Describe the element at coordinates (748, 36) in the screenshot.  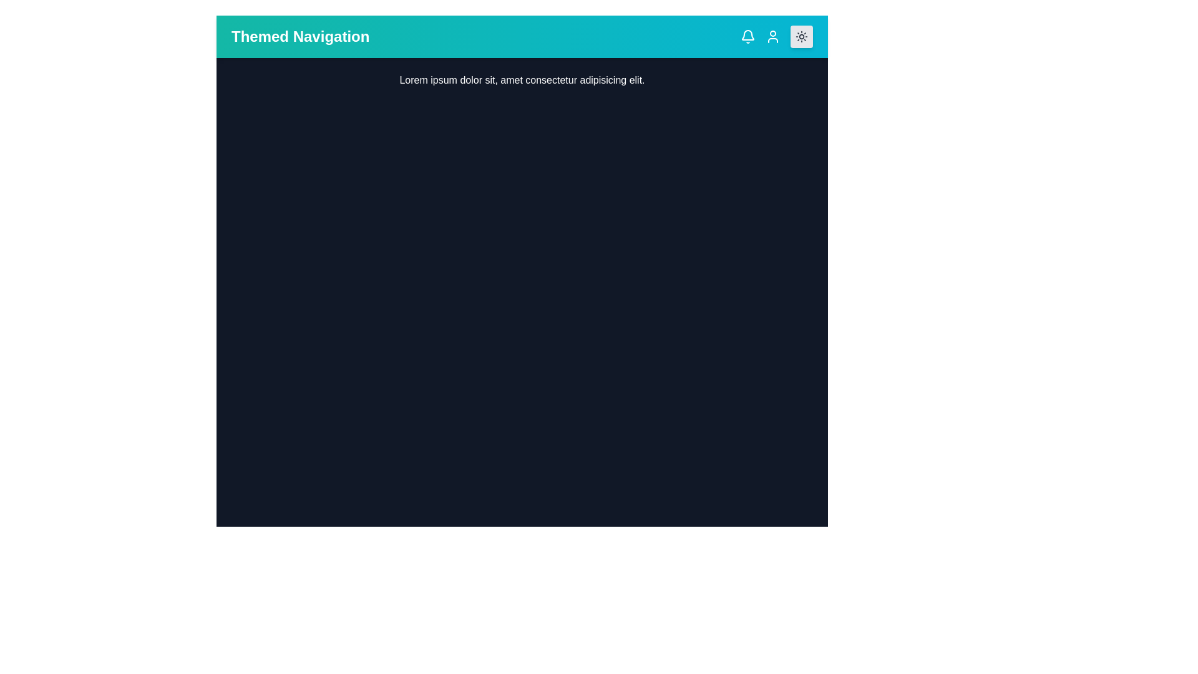
I see `the bell icon to simulate a notification-related action` at that location.